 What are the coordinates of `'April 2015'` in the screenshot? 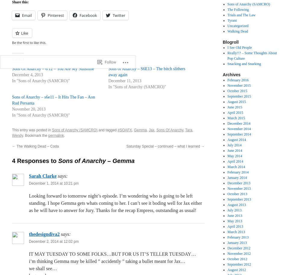 It's located at (235, 112).